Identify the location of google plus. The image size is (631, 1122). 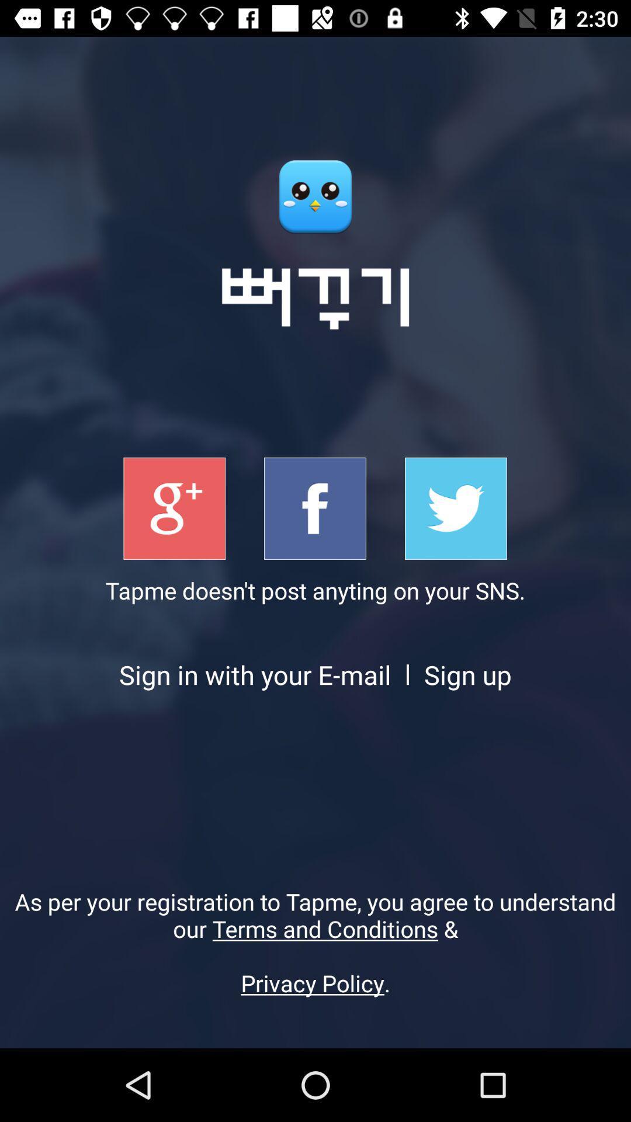
(174, 508).